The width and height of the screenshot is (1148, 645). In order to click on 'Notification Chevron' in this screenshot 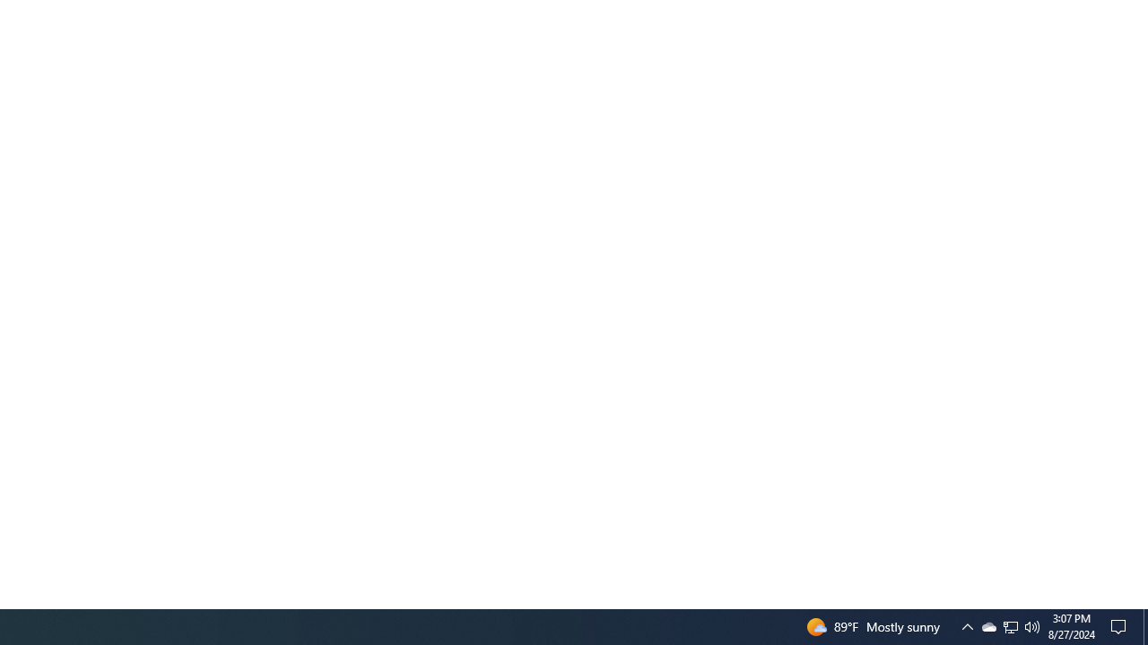, I will do `click(967, 625)`.